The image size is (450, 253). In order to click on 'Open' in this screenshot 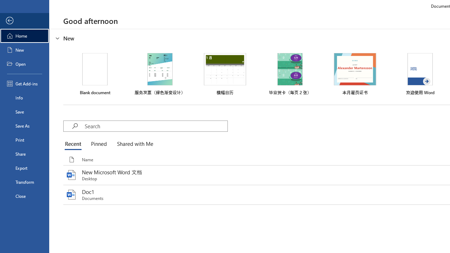, I will do `click(24, 64)`.